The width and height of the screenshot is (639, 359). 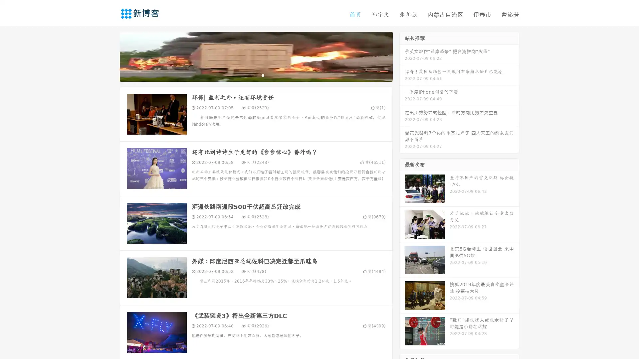 What do you see at coordinates (263, 75) in the screenshot?
I see `Go to slide 3` at bounding box center [263, 75].